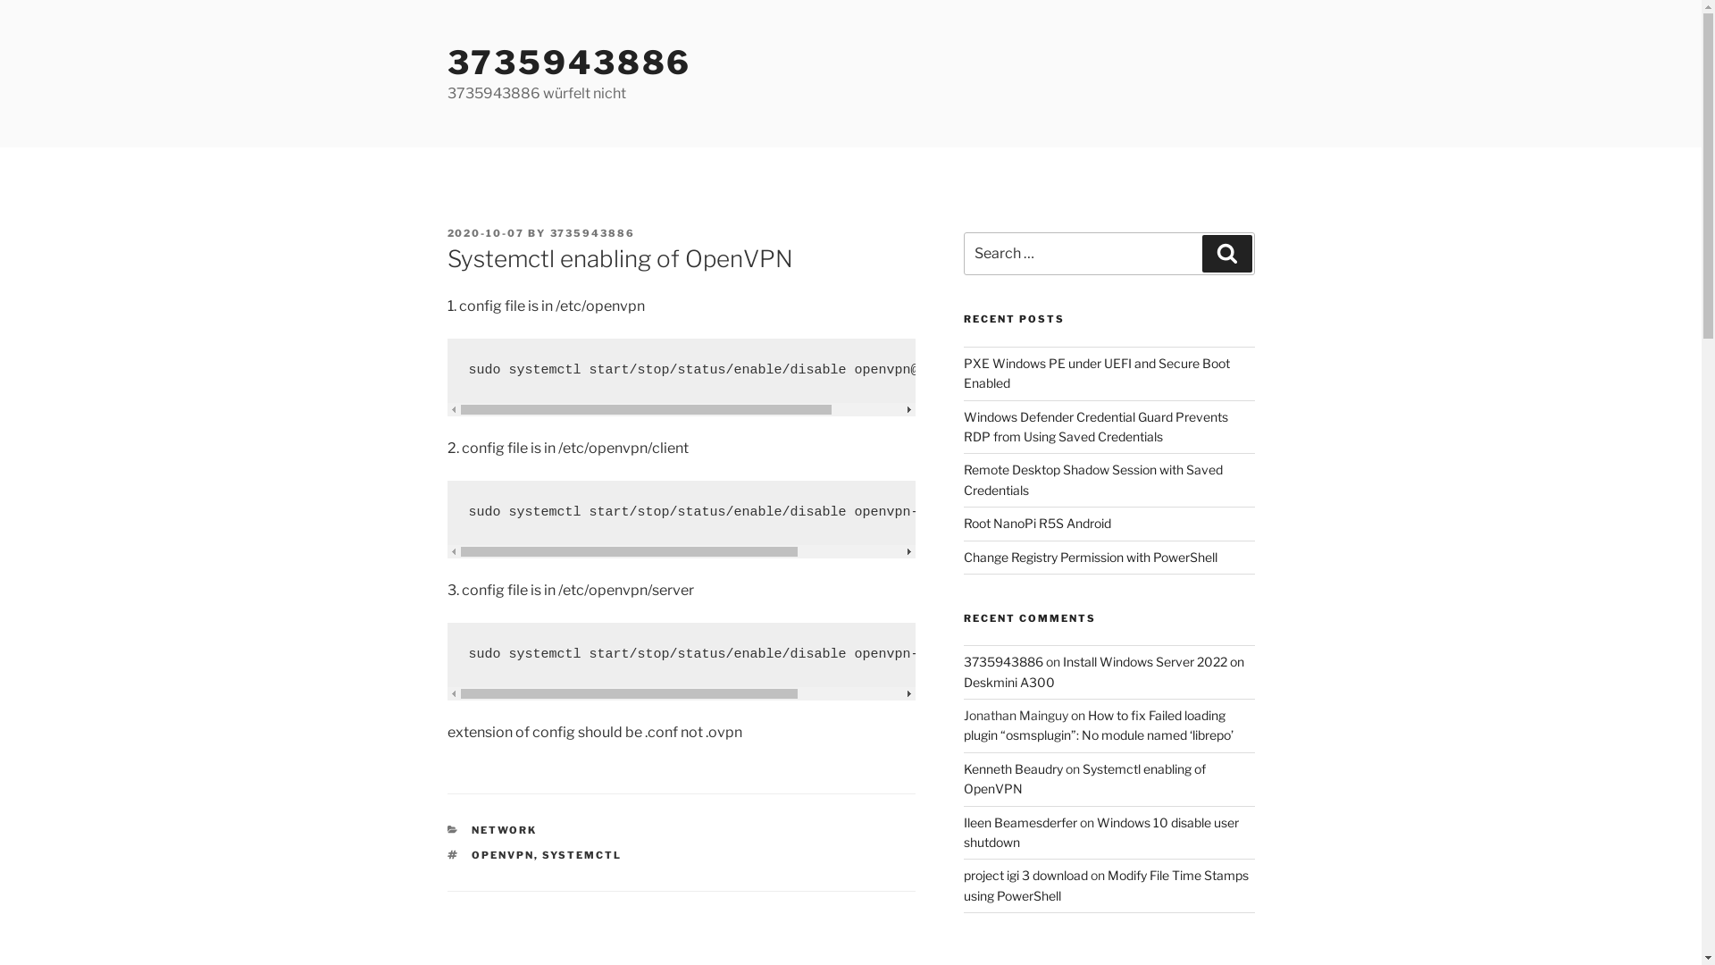 The width and height of the screenshot is (1715, 965). I want to click on 'Remote Desktop Shadow Session with Saved Credentials', so click(1092, 478).